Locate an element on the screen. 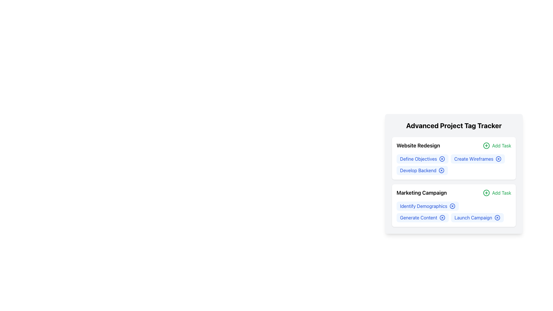 The width and height of the screenshot is (553, 311). the Text Label that displays the title of a project or task grouping, located in the first section of a task card layout, to quickly identify the context of the tasks listed below it is located at coordinates (418, 145).